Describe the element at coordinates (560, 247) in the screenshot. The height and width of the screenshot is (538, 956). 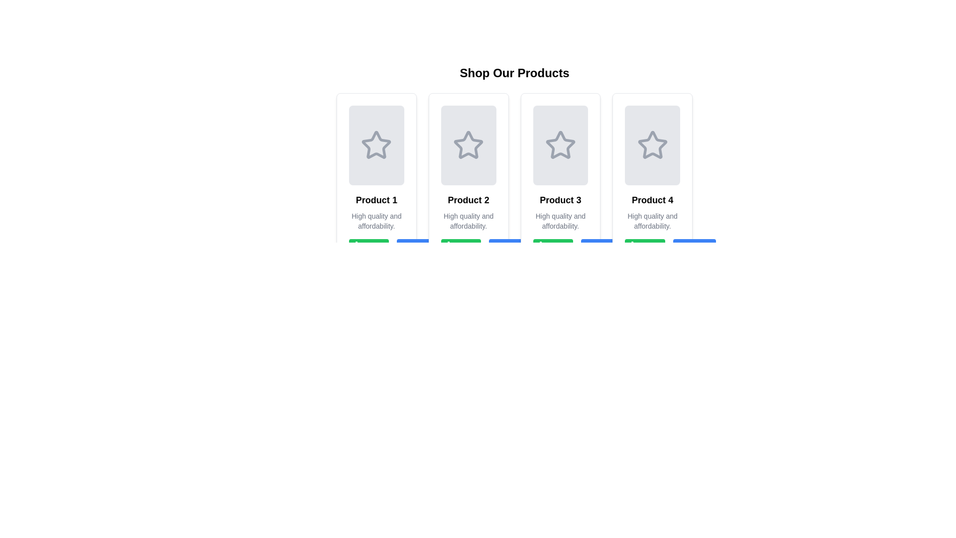
I see `the 'View' button located in the Group containing buttons at the bottom of the 'Product 3' card` at that location.